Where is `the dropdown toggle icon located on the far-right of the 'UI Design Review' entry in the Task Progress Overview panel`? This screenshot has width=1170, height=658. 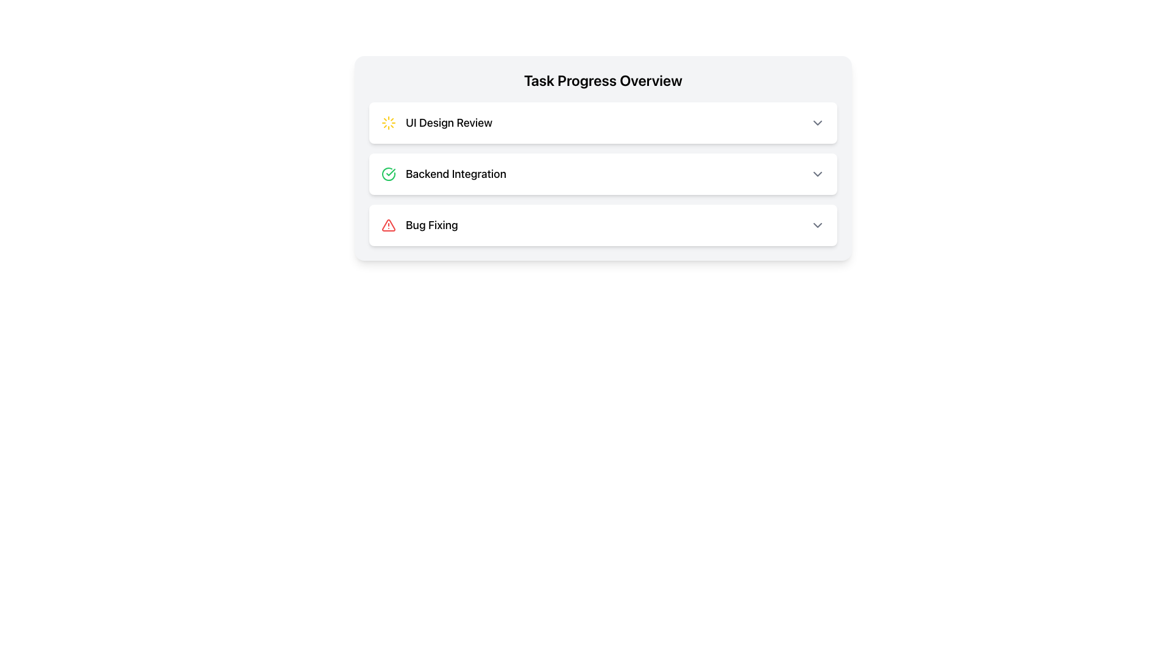 the dropdown toggle icon located on the far-right of the 'UI Design Review' entry in the Task Progress Overview panel is located at coordinates (818, 122).